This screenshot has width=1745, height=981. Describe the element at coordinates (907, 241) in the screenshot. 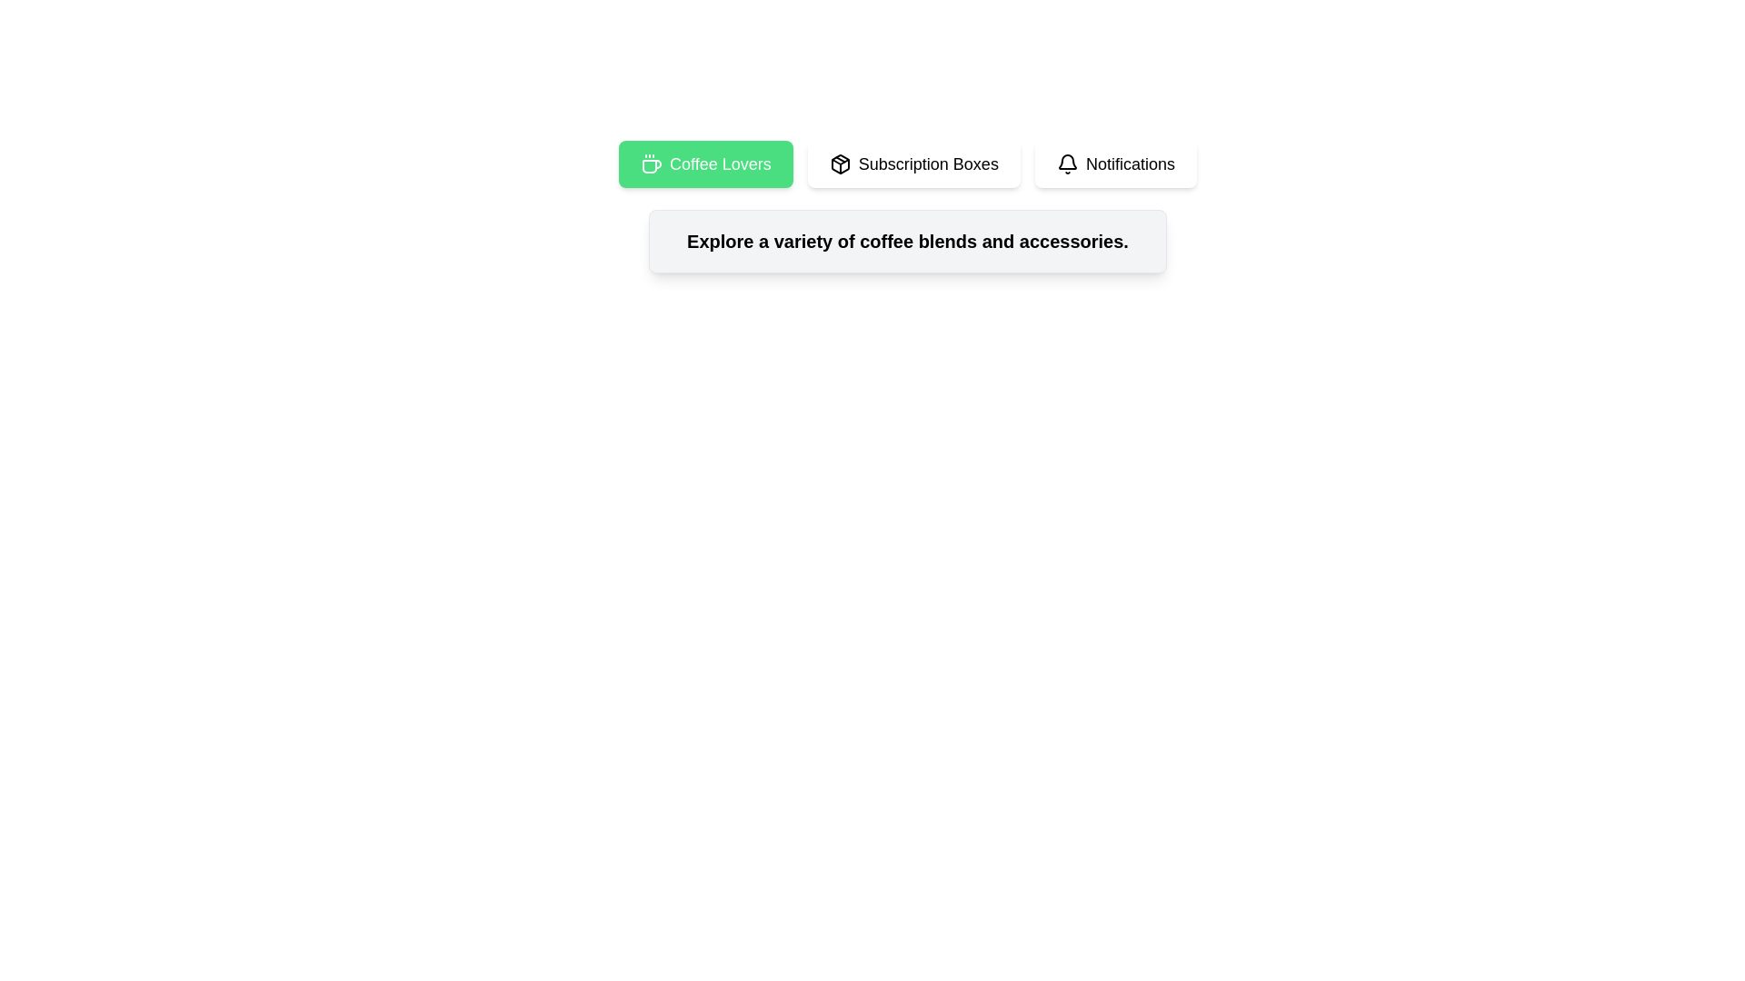

I see `the rectangular text block containing the text 'Explore a variety of coffee blends and accessories.' that has a gray background and rounded corners` at that location.